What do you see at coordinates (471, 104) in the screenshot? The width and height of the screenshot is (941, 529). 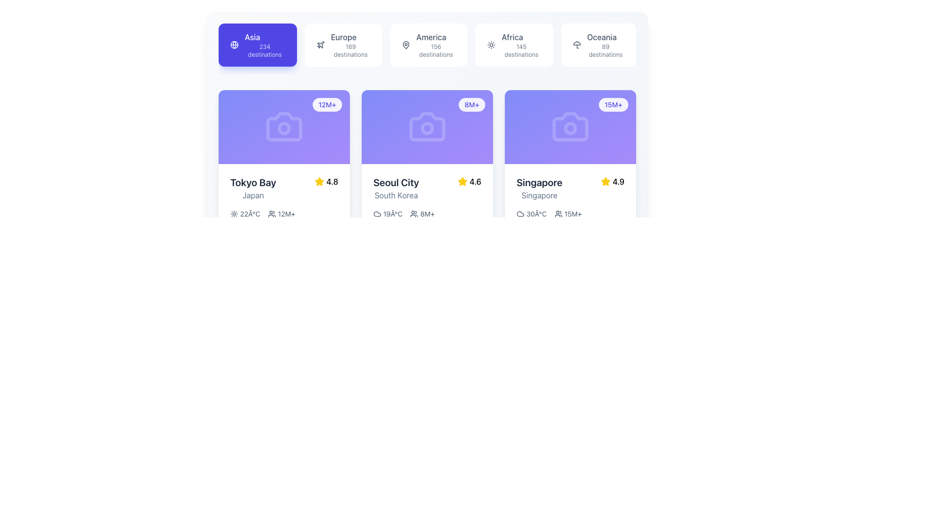 I see `the numerical indicator badge located at the top-right corner of the Seoul City card, which displays visitor counts such as '12M+' or '15M+'` at bounding box center [471, 104].